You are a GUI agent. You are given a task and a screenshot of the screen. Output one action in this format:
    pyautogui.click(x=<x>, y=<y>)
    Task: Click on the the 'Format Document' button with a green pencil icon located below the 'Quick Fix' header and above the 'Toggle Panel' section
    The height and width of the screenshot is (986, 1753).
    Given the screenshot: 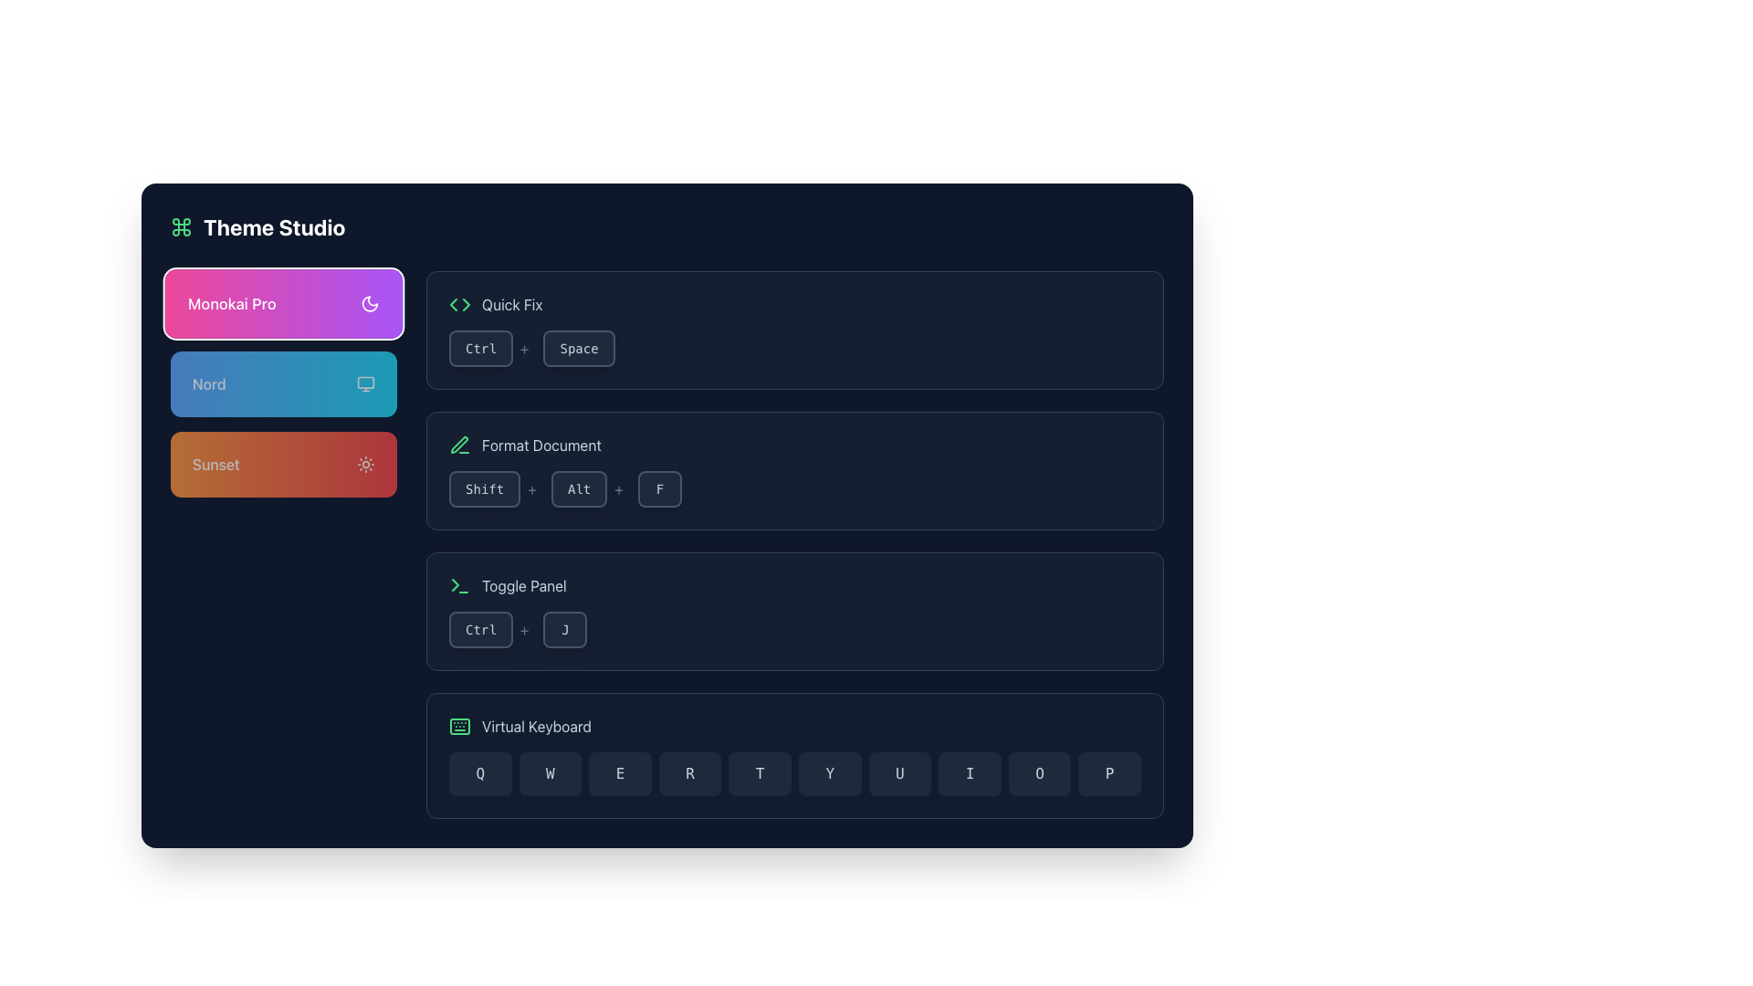 What is the action you would take?
    pyautogui.click(x=524, y=446)
    